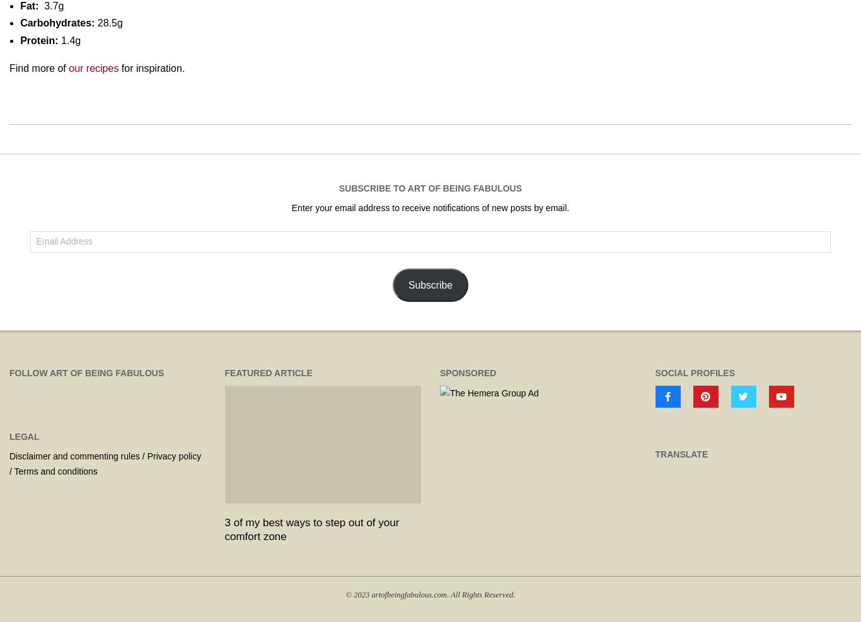 The height and width of the screenshot is (622, 861). I want to click on '1.4g', so click(69, 39).